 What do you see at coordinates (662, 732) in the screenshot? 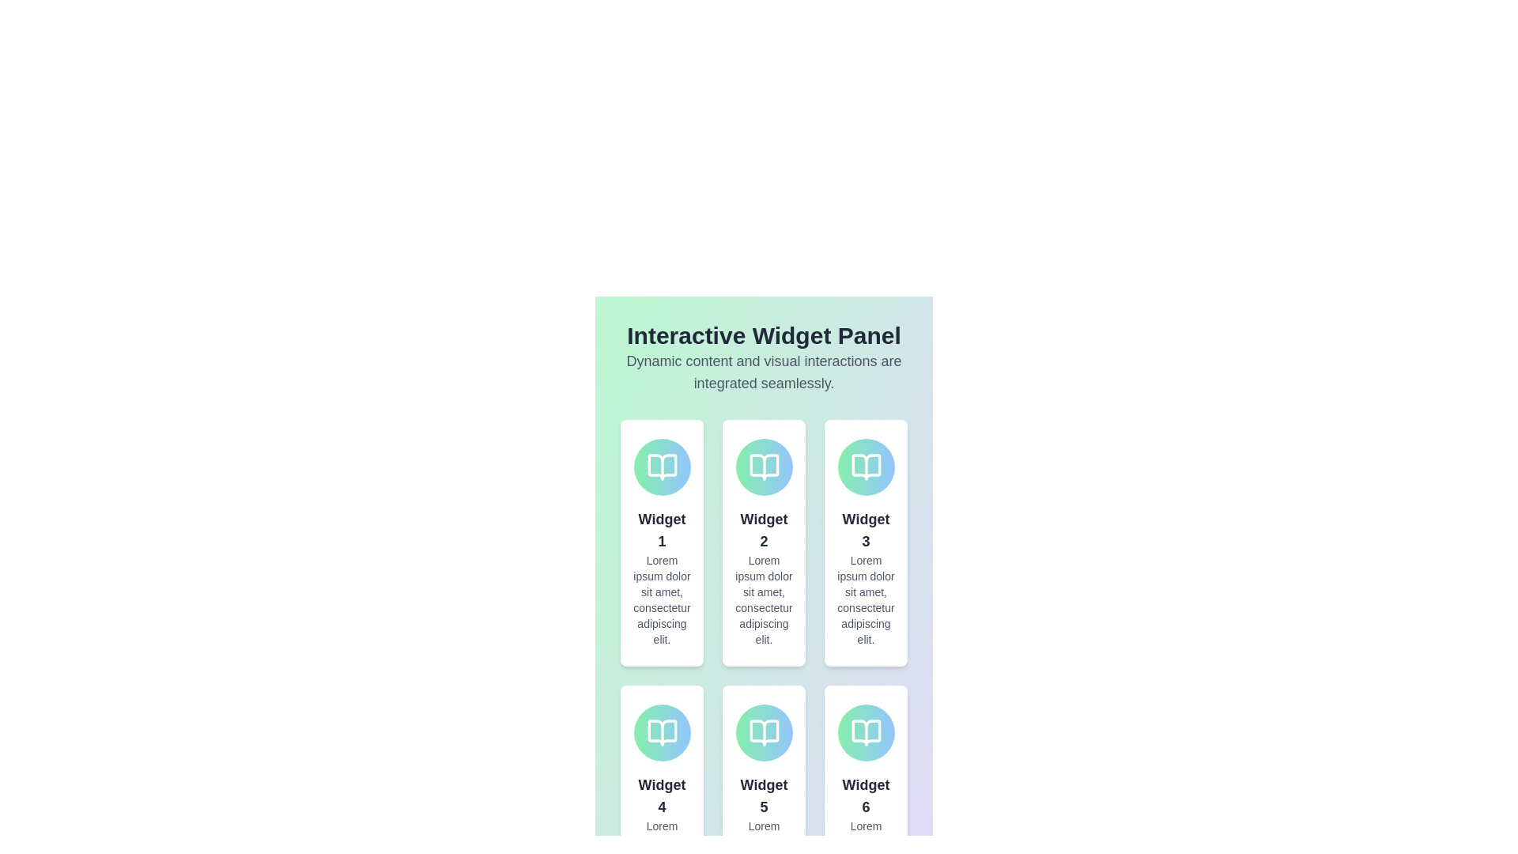
I see `the open book icon that is styled with a white color against a circular gradient background transitioning from green to blue, located in the fourth widget of the grid layout` at bounding box center [662, 732].